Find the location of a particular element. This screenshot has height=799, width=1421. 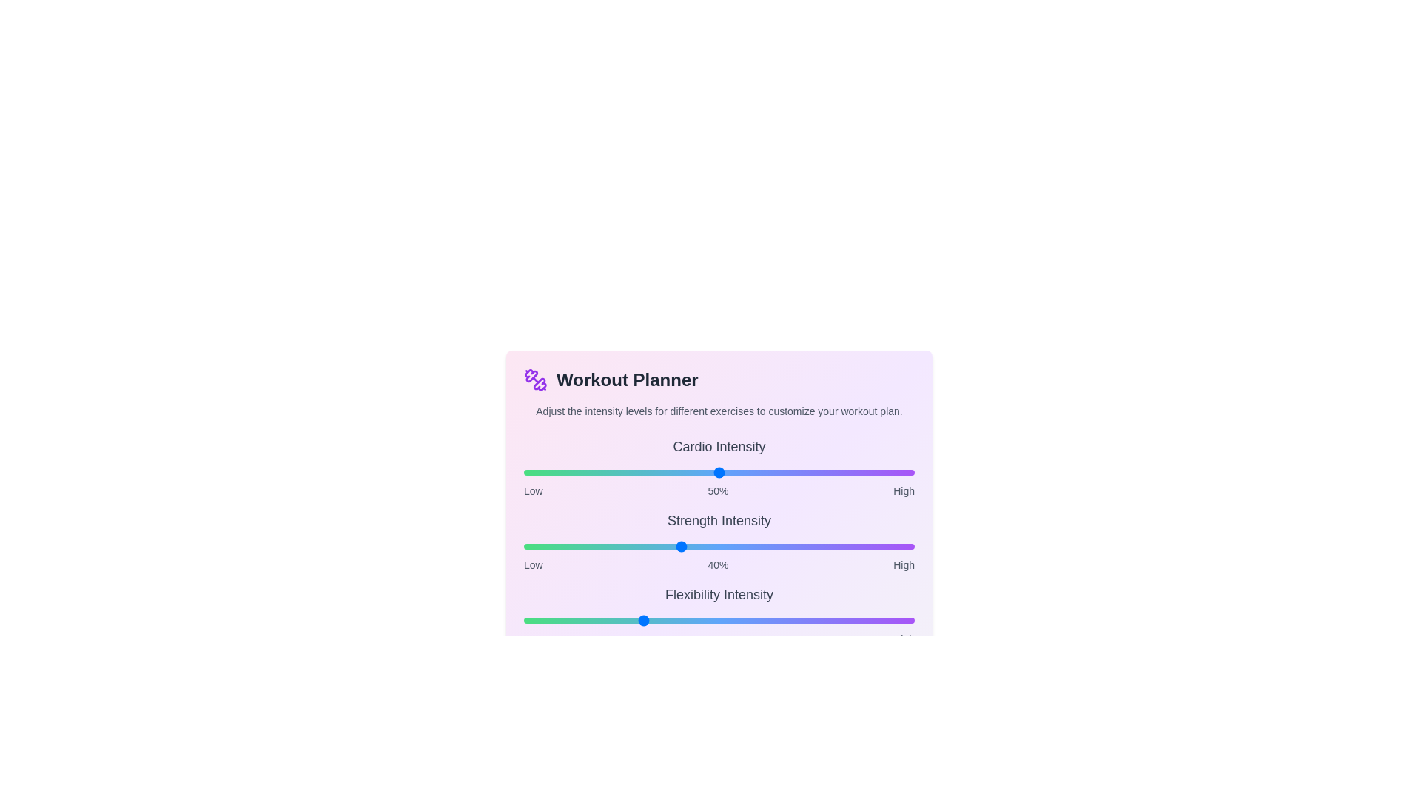

the intensity of the 0 slider to 80% is located at coordinates (836, 473).